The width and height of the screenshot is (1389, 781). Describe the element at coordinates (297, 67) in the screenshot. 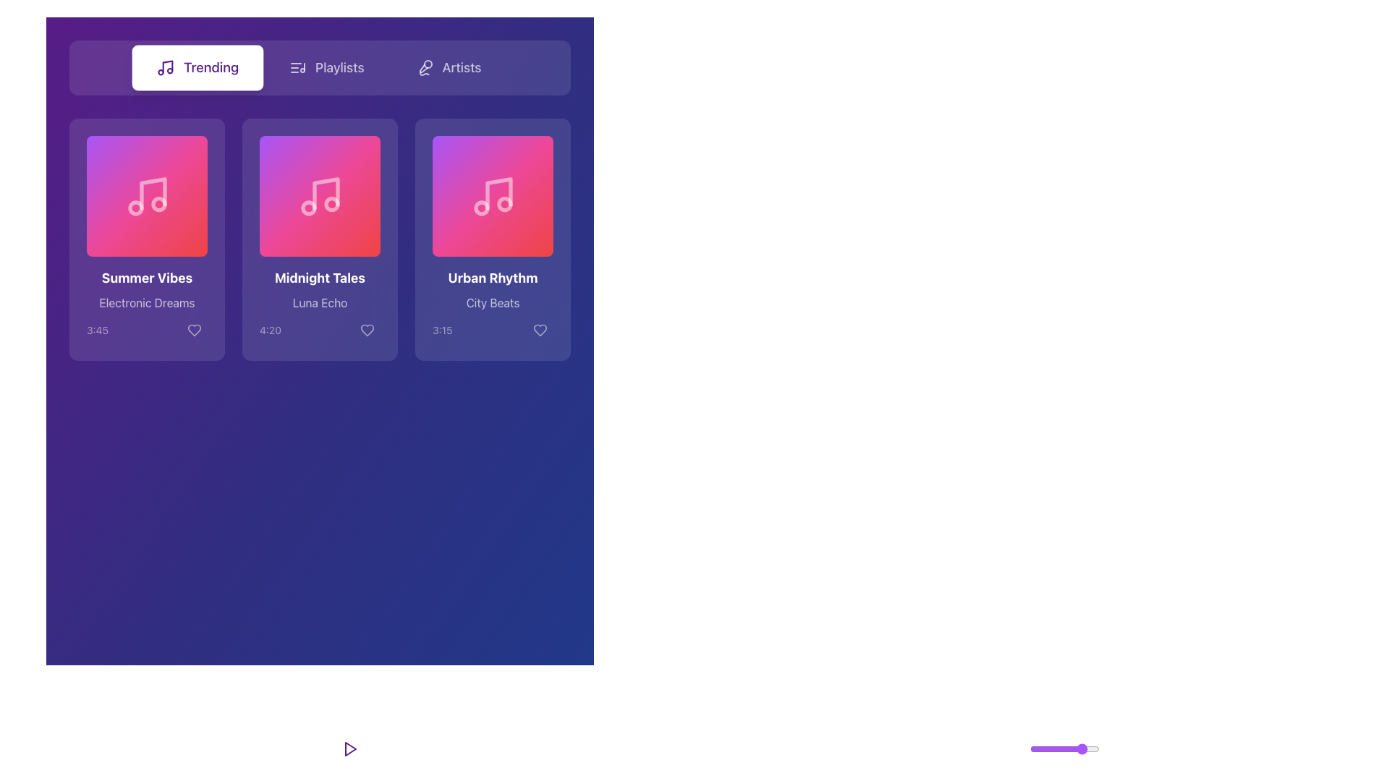

I see `the 'Playlists' icon located in the navigation bar, specifically on the left side of the 'Playlists' label` at that location.